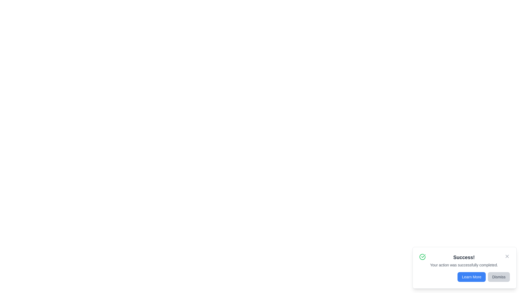 This screenshot has height=293, width=521. I want to click on the close button in the alert, so click(507, 256).